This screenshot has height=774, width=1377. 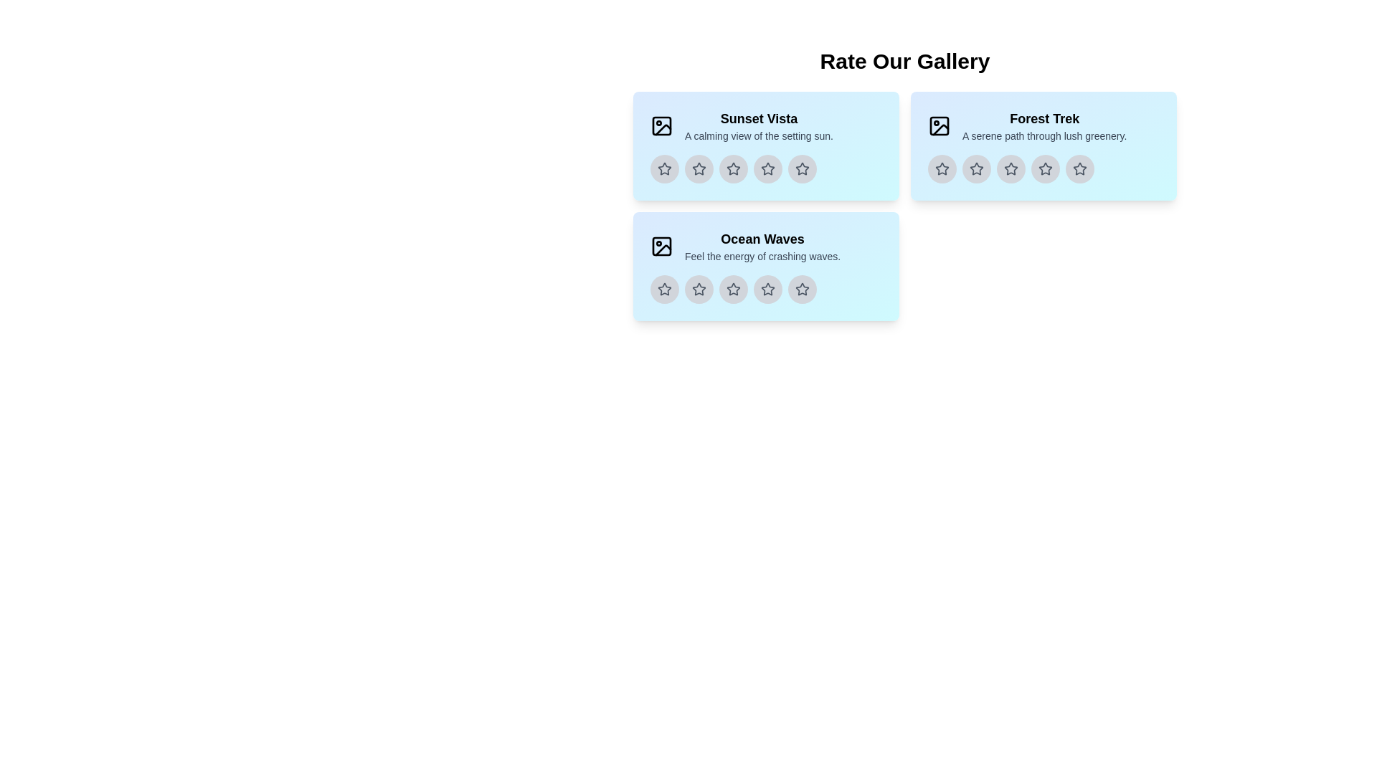 What do you see at coordinates (699, 290) in the screenshot?
I see `the one-star rating button for the 'Ocean Waves' card in the rating system` at bounding box center [699, 290].